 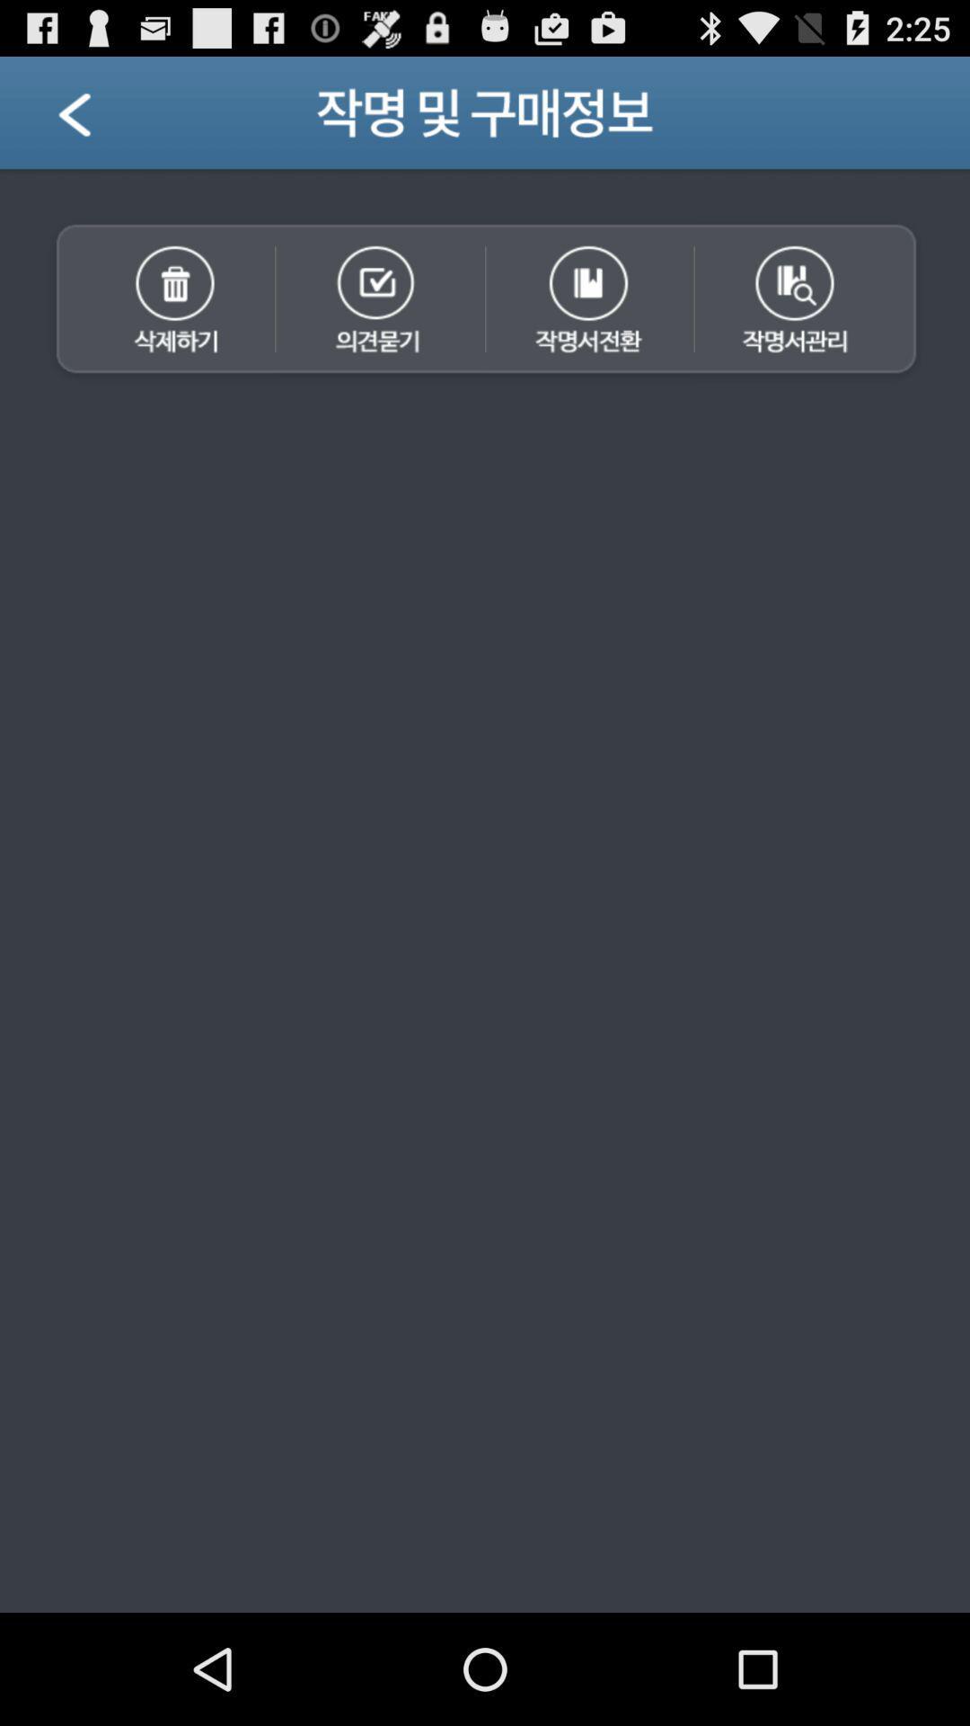 I want to click on search option, so click(x=810, y=301).